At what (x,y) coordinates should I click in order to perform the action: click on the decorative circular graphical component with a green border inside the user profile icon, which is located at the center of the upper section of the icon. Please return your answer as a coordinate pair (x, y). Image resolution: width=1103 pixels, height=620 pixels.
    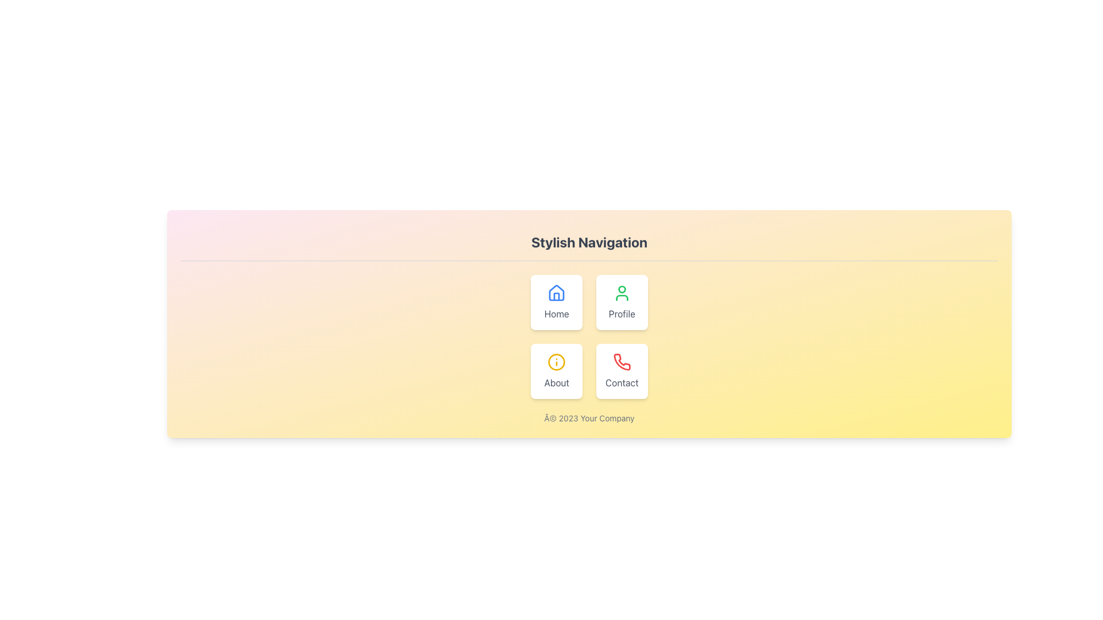
    Looking at the image, I should click on (621, 289).